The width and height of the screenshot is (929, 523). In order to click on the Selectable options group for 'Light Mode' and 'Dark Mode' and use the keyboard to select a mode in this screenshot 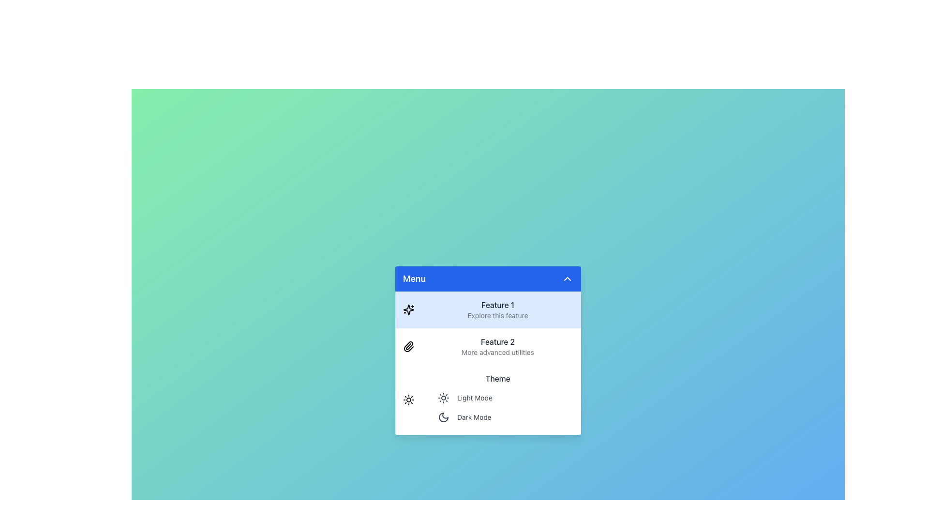, I will do `click(503, 407)`.